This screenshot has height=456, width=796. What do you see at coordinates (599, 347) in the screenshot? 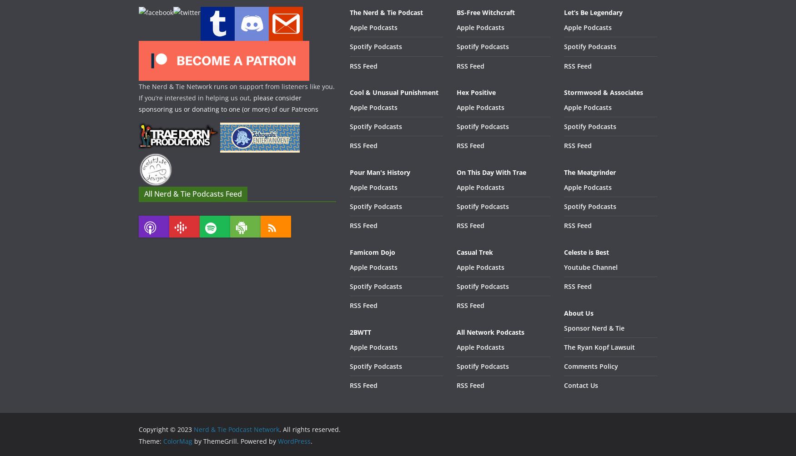
I see `'The Ryan Kopf Lawsuit'` at bounding box center [599, 347].